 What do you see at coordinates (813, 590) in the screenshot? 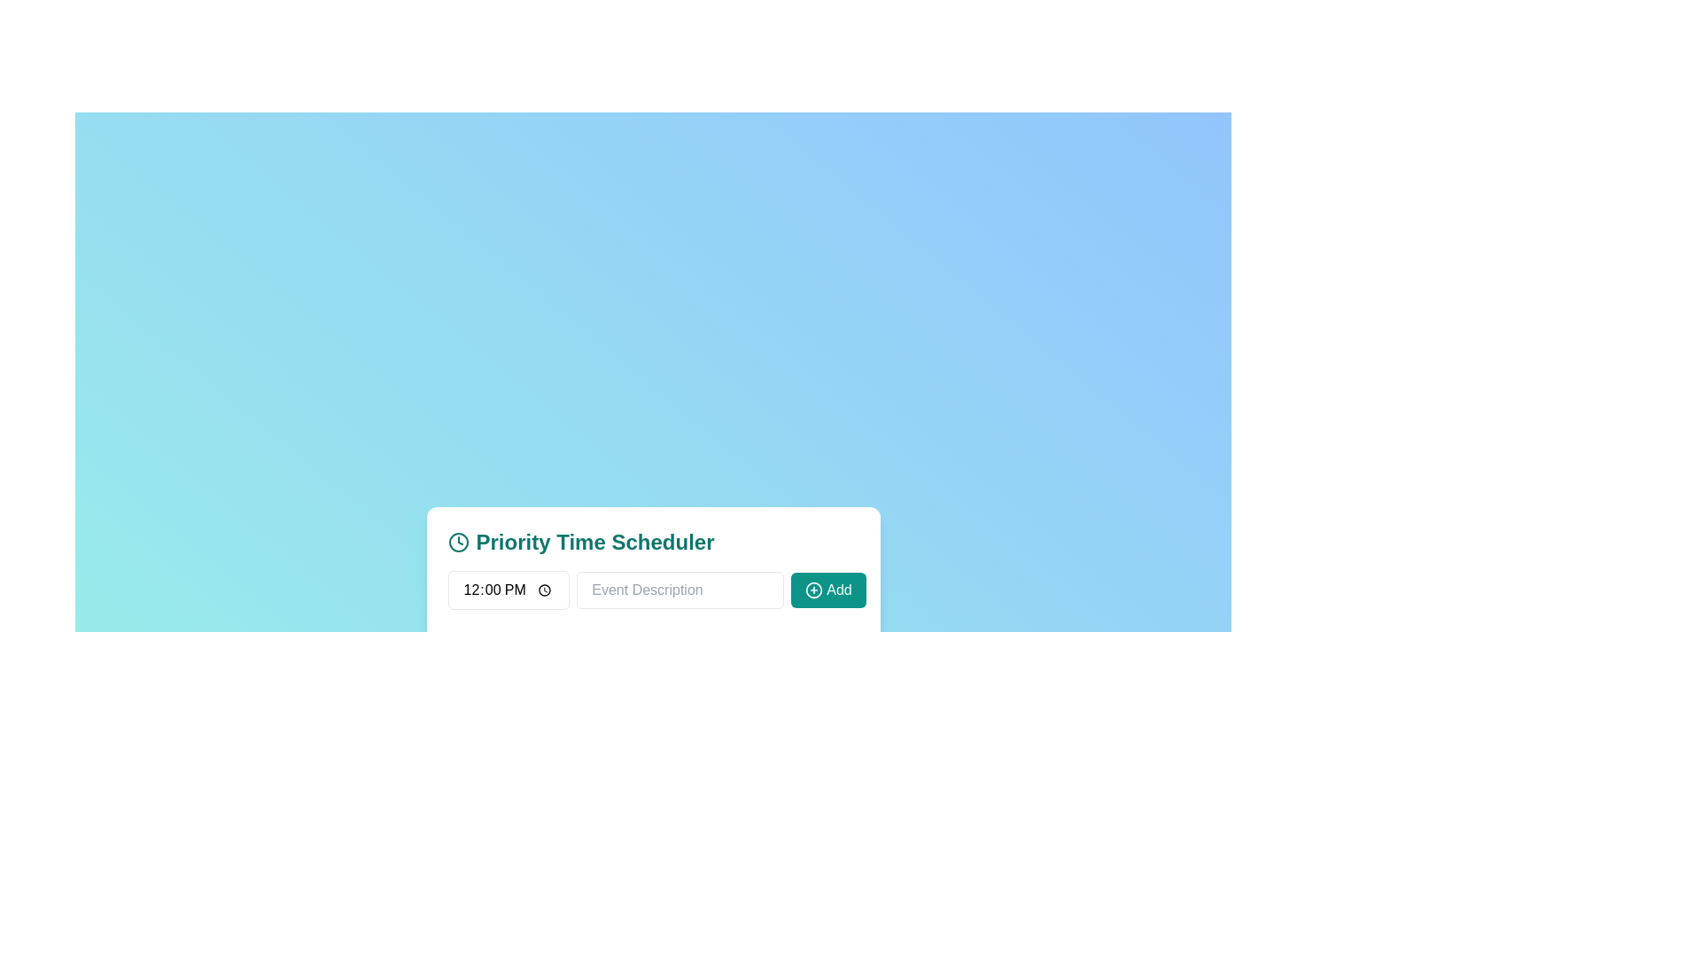
I see `the circular icon representing the addition functionality within the 'Add' button` at bounding box center [813, 590].